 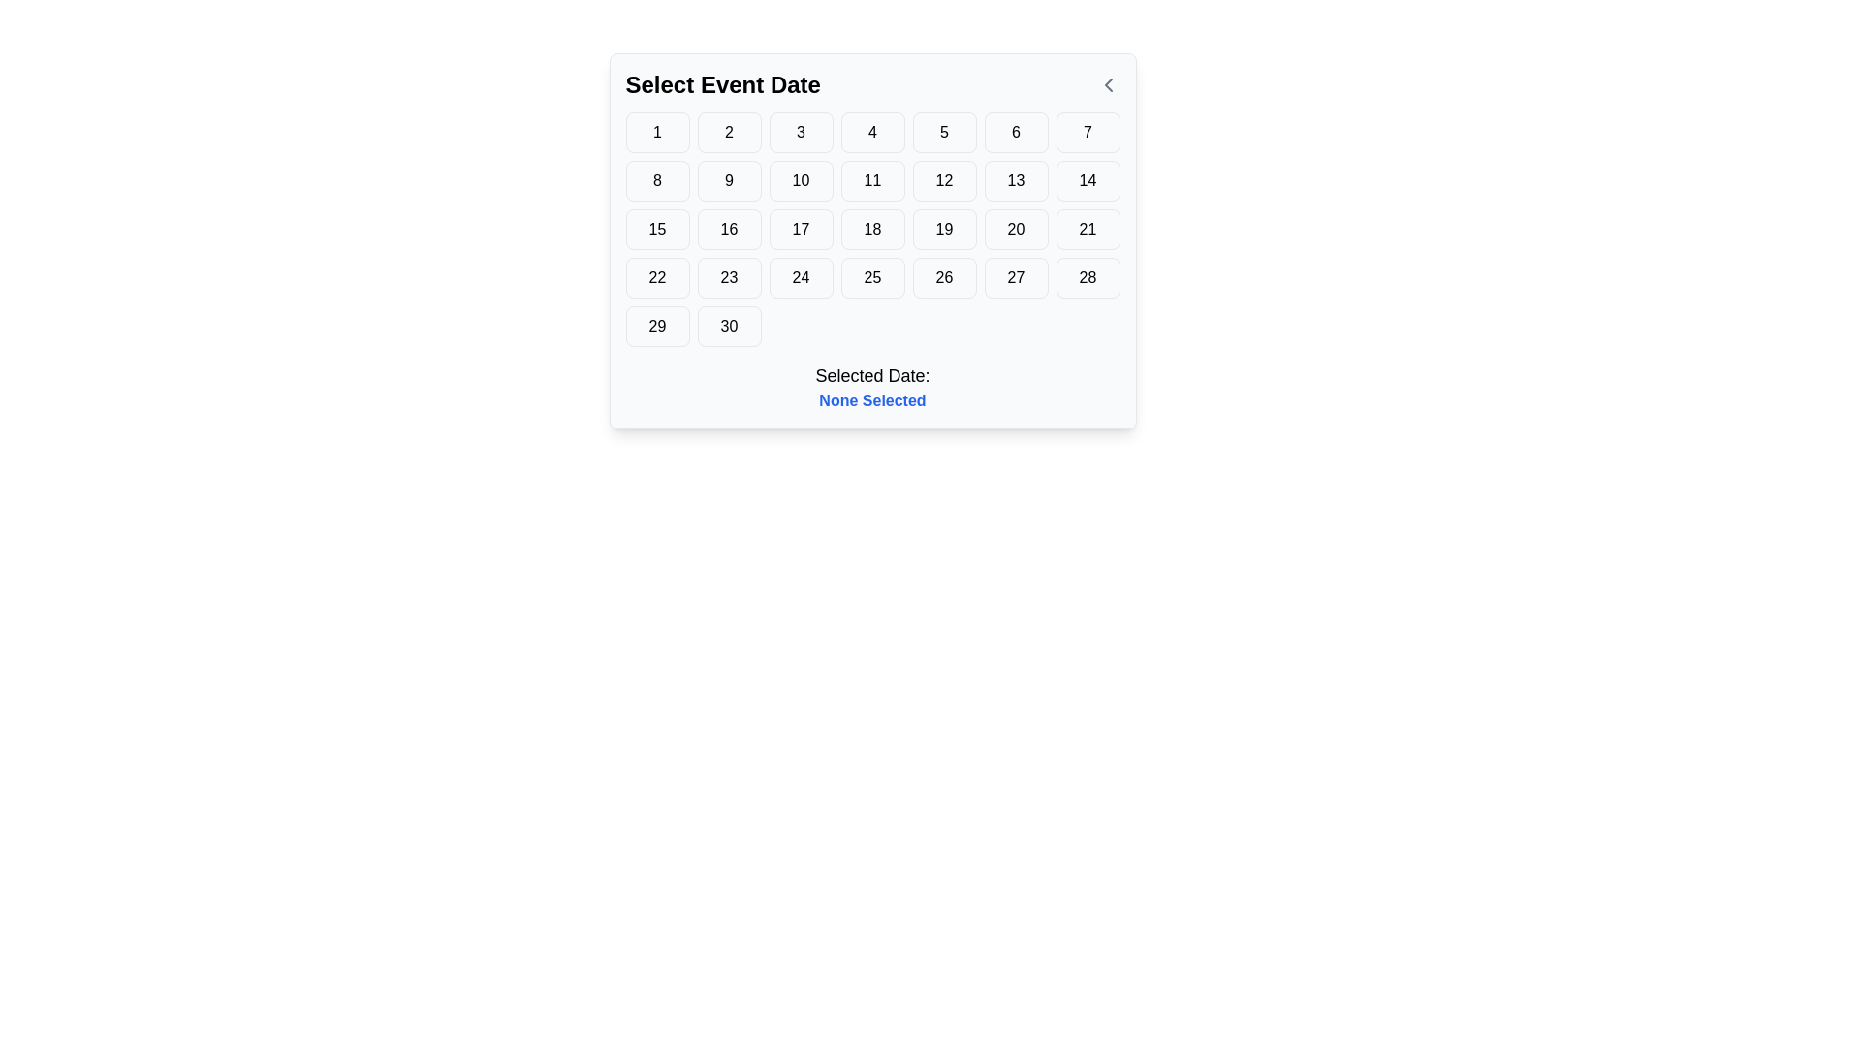 I want to click on the square button with rounded corners that displays the text '6', so click(x=1015, y=132).